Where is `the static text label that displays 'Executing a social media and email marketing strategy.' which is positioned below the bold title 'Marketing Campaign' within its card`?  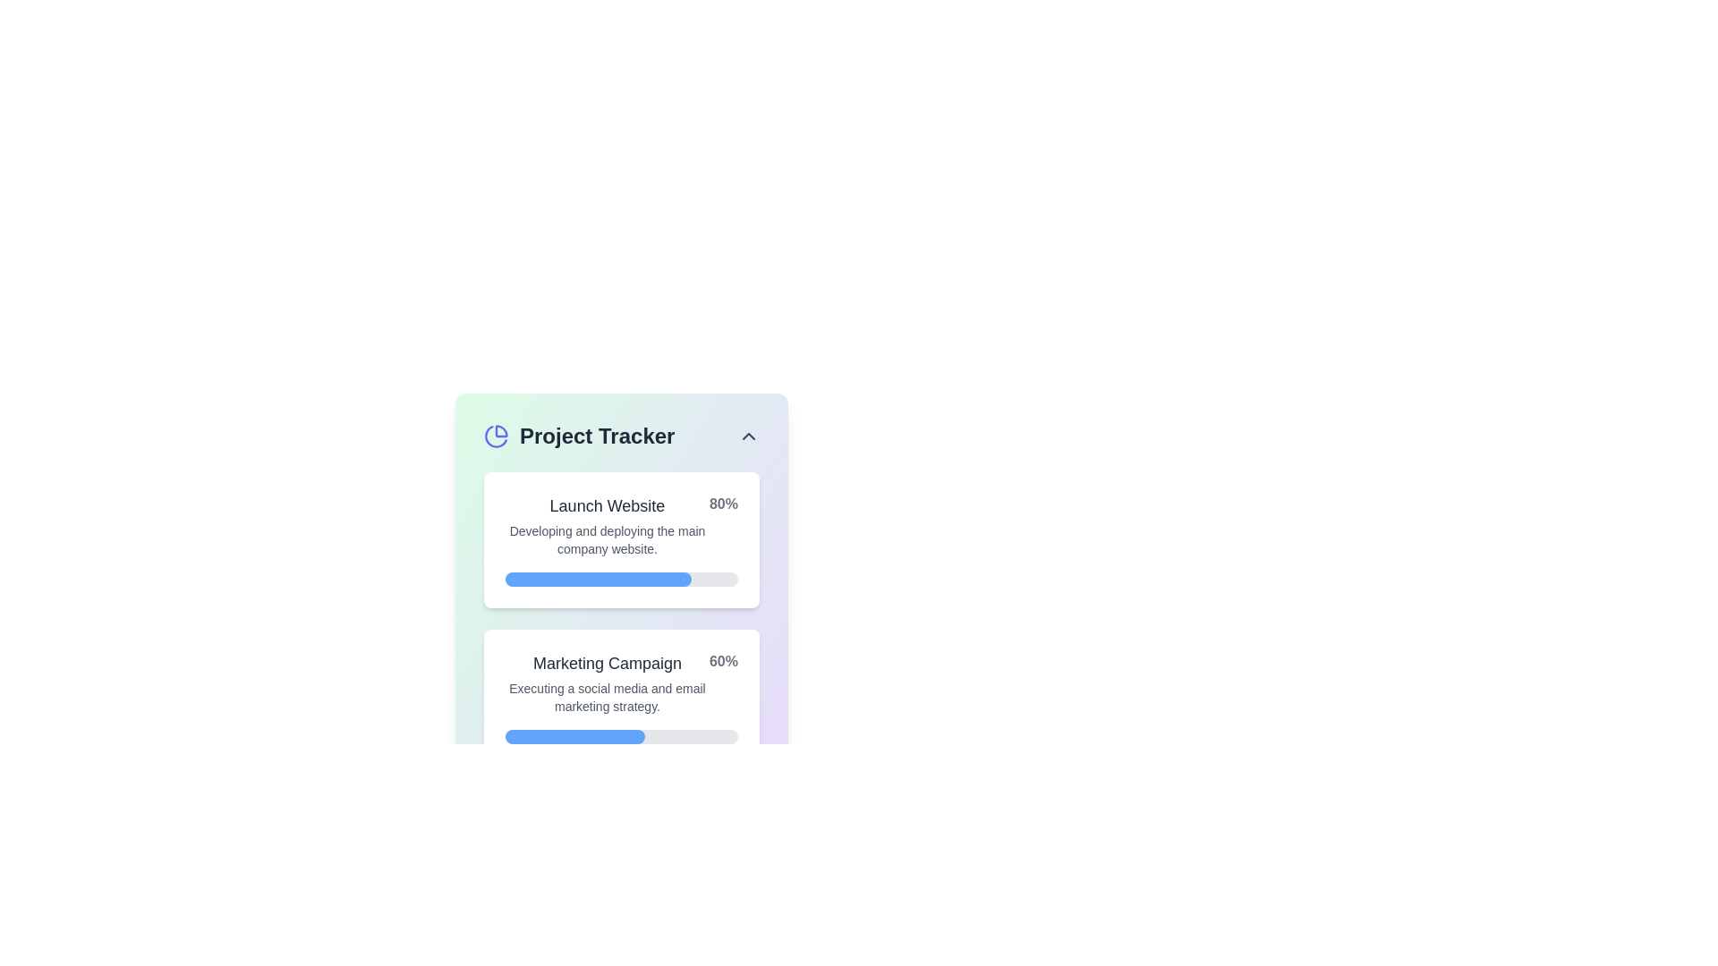 the static text label that displays 'Executing a social media and email marketing strategy.' which is positioned below the bold title 'Marketing Campaign' within its card is located at coordinates (607, 696).